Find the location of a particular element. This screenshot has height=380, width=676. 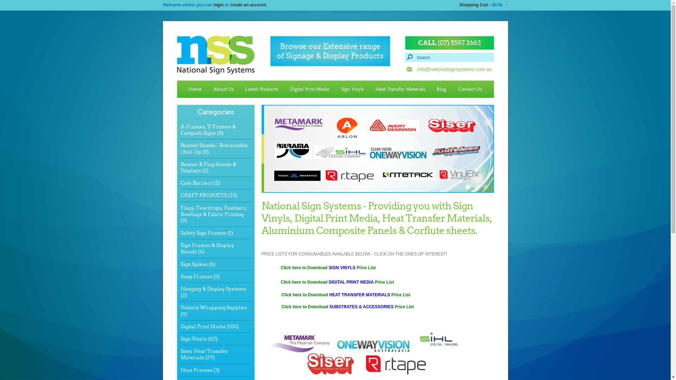

'Hanging & Display Systems (2)' is located at coordinates (212, 292).